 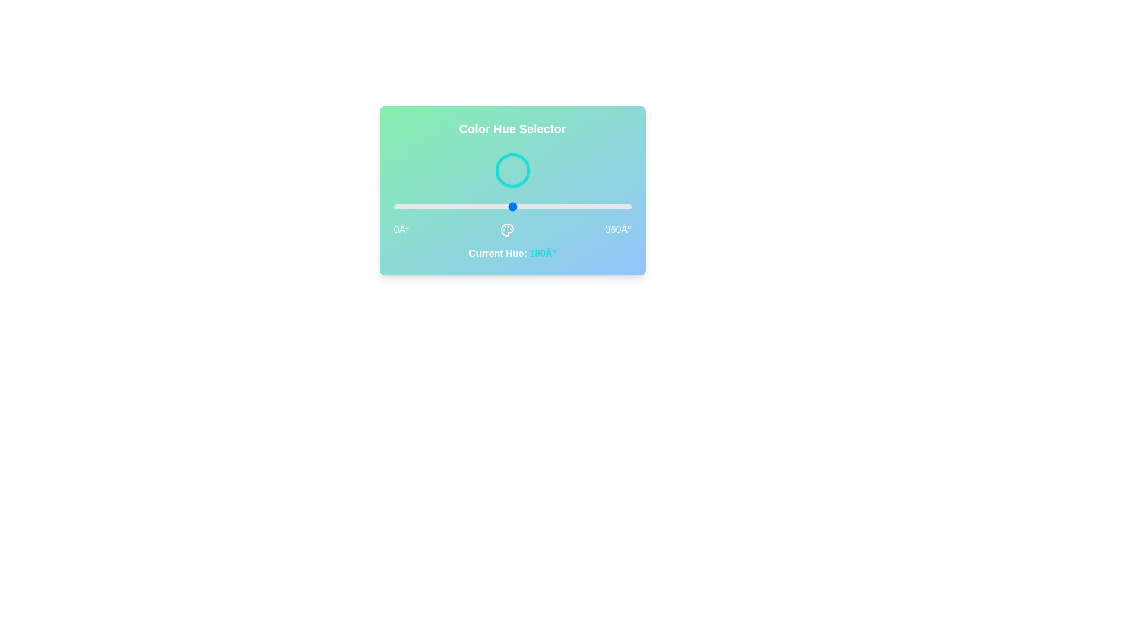 What do you see at coordinates (551, 206) in the screenshot?
I see `the slider to set the hue to 240 degrees, causing the circle's color to change accordingly` at bounding box center [551, 206].